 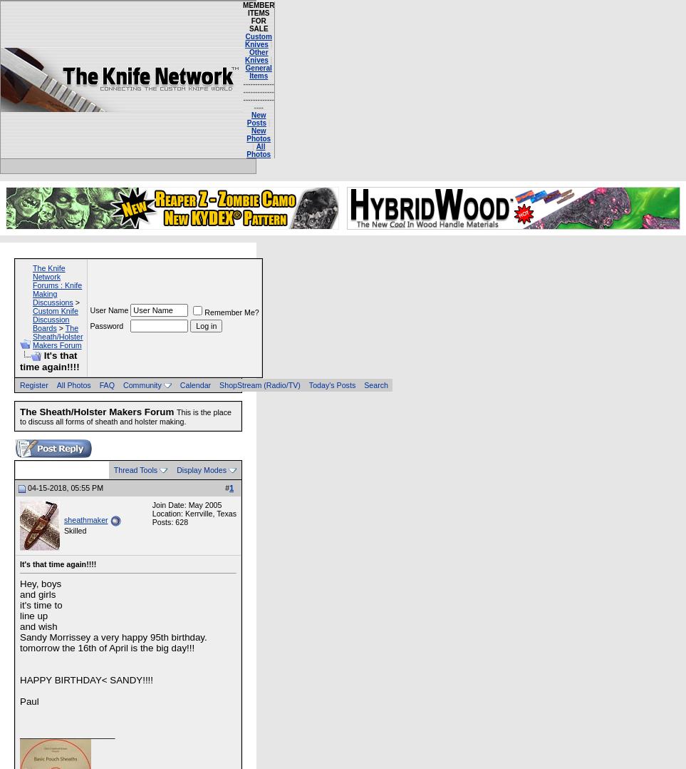 What do you see at coordinates (141, 385) in the screenshot?
I see `'Community'` at bounding box center [141, 385].